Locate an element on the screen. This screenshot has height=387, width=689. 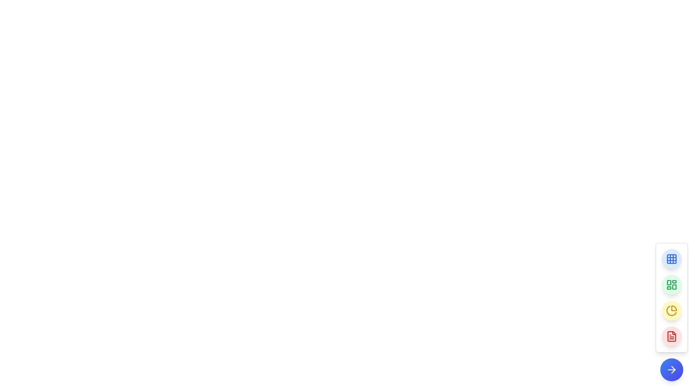
the circular yellow button with a pie chart icon in the center is located at coordinates (671, 310).